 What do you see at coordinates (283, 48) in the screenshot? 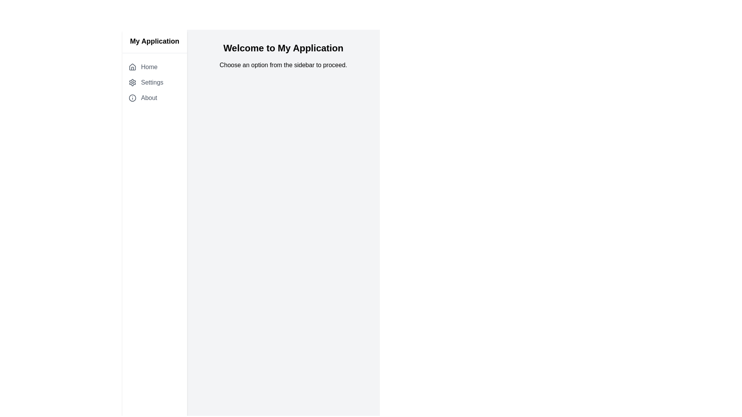
I see `main heading text of the application located at the top section of the content area, which welcomes users and indicates the purpose of the interface` at bounding box center [283, 48].